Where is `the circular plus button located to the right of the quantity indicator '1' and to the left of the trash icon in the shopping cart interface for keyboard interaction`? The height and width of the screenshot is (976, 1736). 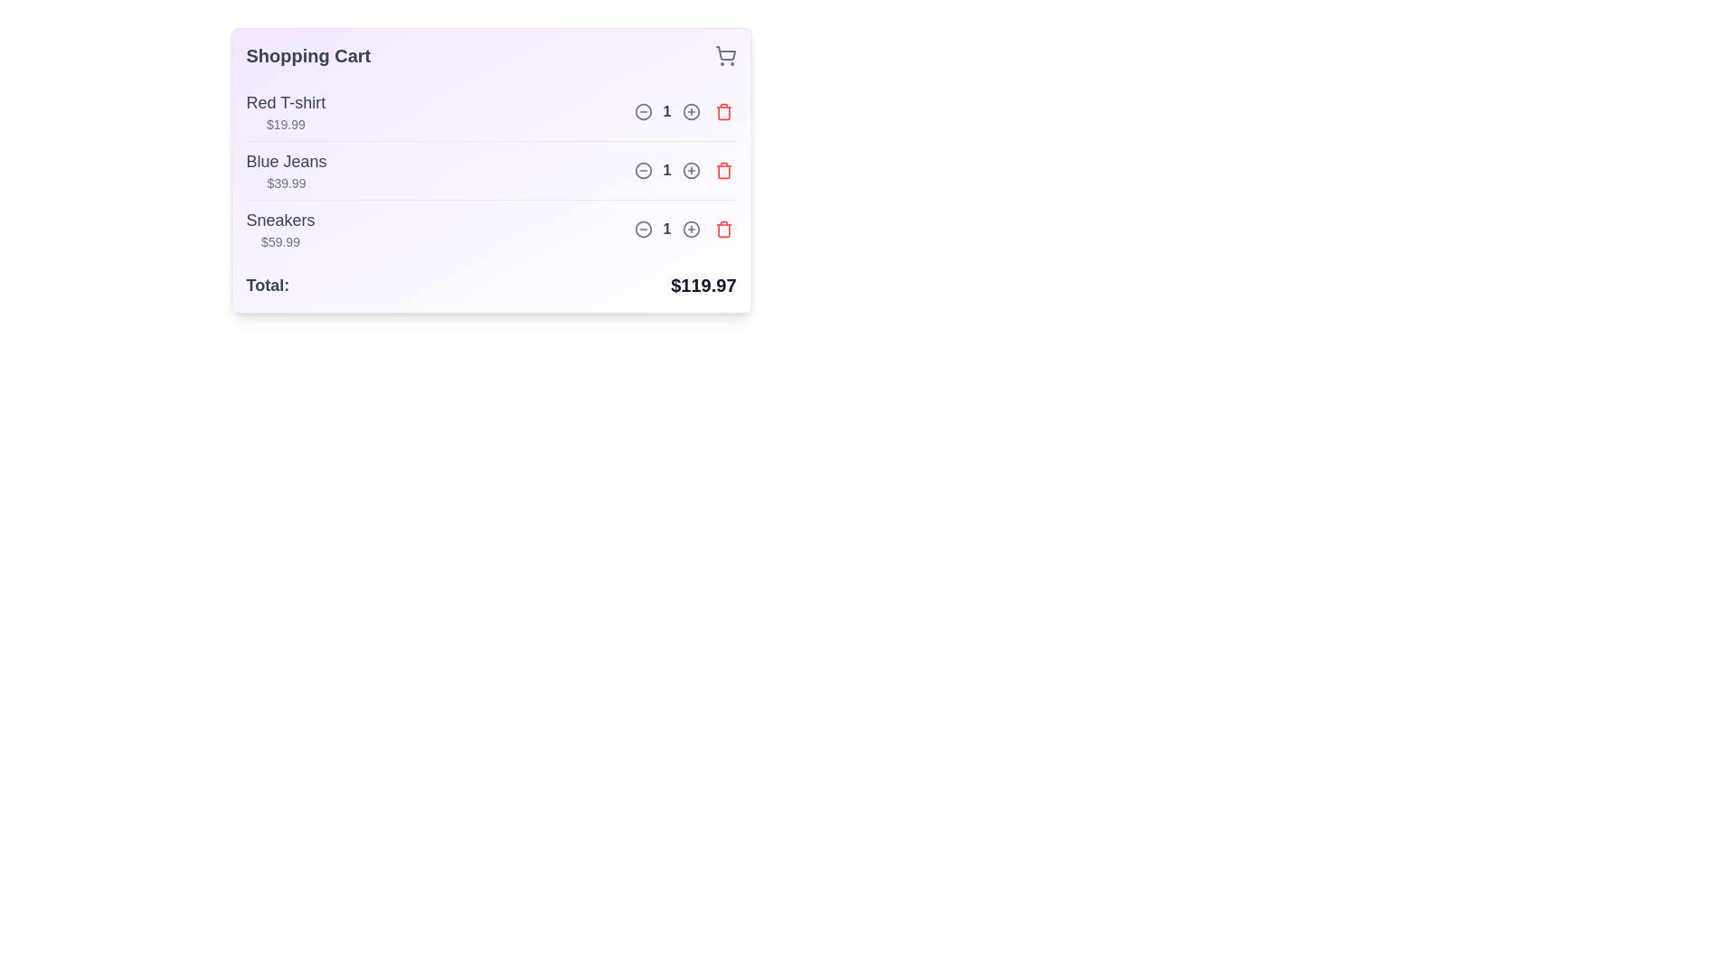
the circular plus button located to the right of the quantity indicator '1' and to the left of the trash icon in the shopping cart interface for keyboard interaction is located at coordinates (690, 111).